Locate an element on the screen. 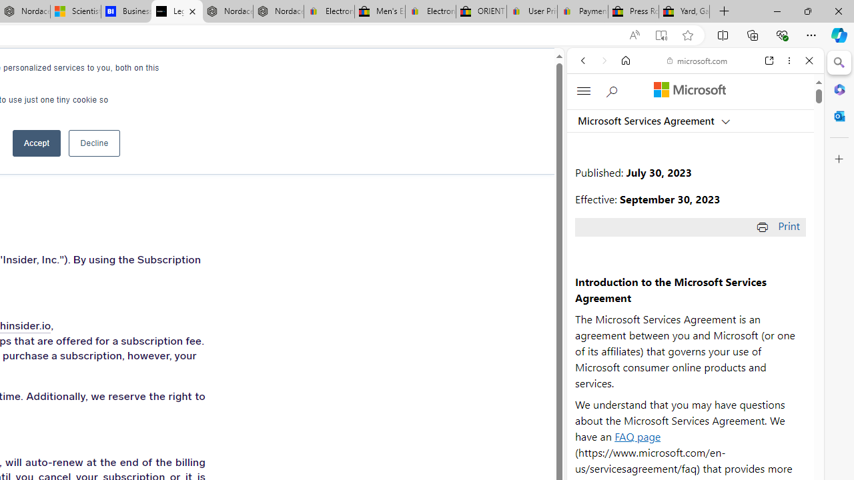  'FAQ page' is located at coordinates (637, 436).